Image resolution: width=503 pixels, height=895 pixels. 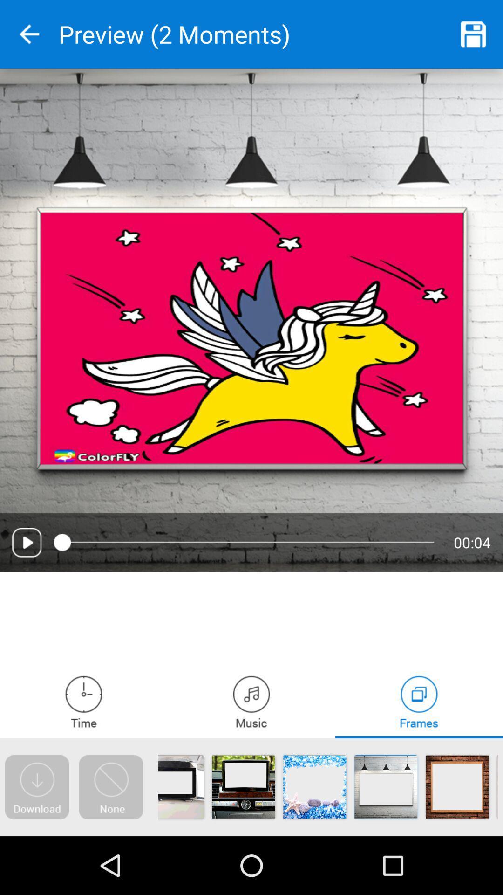 I want to click on frames option, so click(x=418, y=702).